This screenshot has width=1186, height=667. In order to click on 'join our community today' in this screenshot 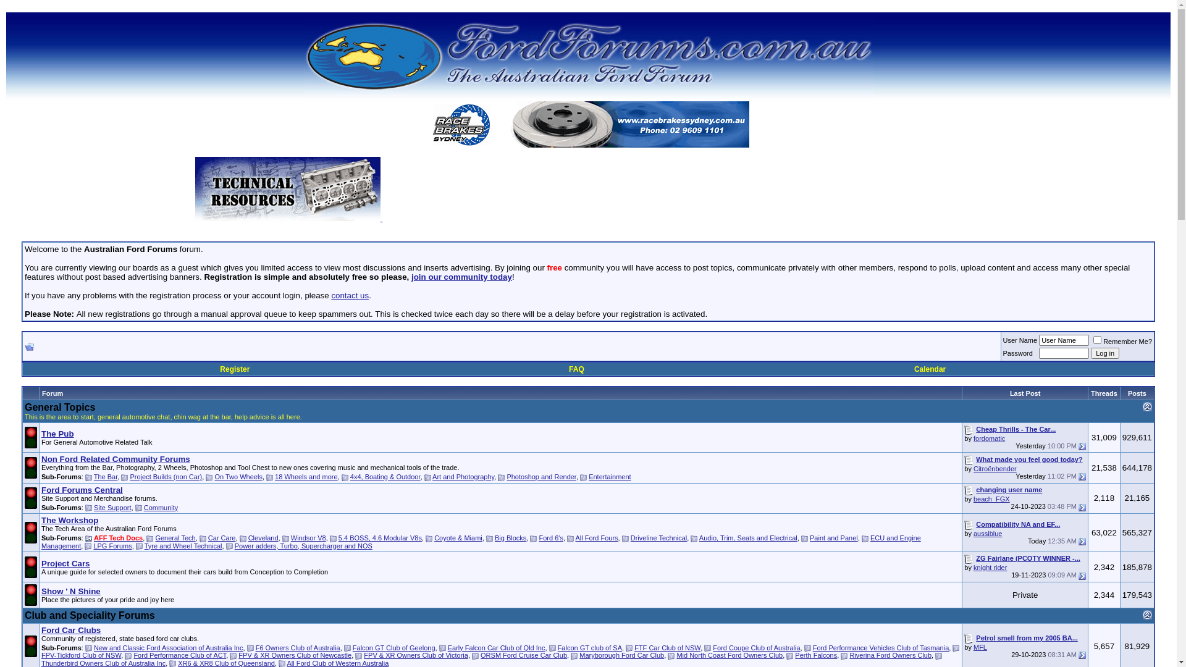, I will do `click(461, 276)`.